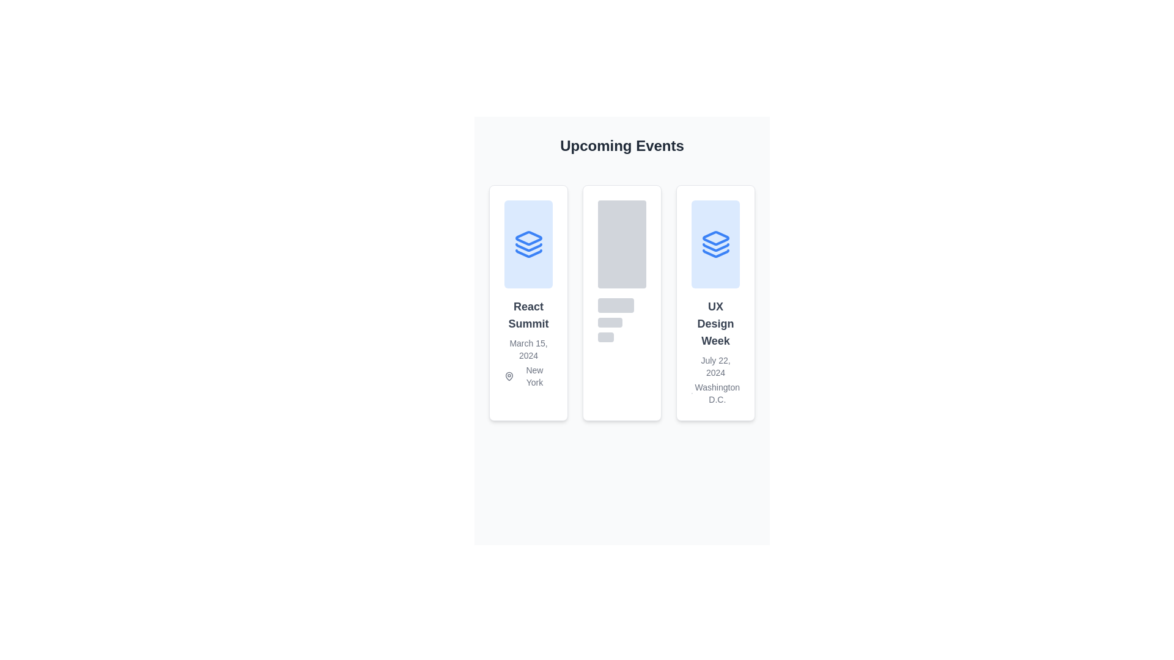  What do you see at coordinates (622, 302) in the screenshot?
I see `the second card in the grid layout under the header 'Upcoming Events', which serves as a placeholder for an upcoming event` at bounding box center [622, 302].